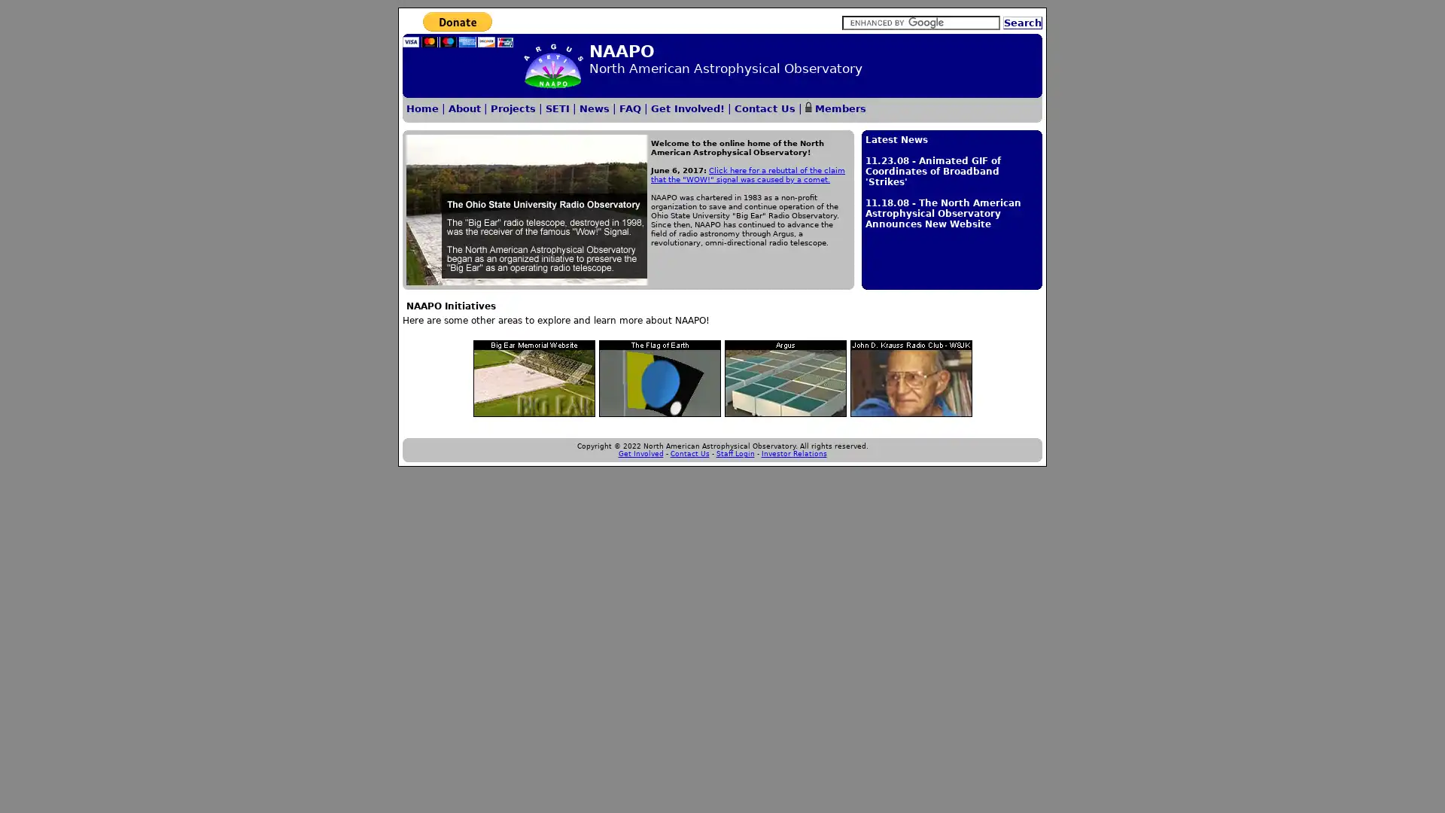 The height and width of the screenshot is (813, 1445). I want to click on Search, so click(1022, 23).